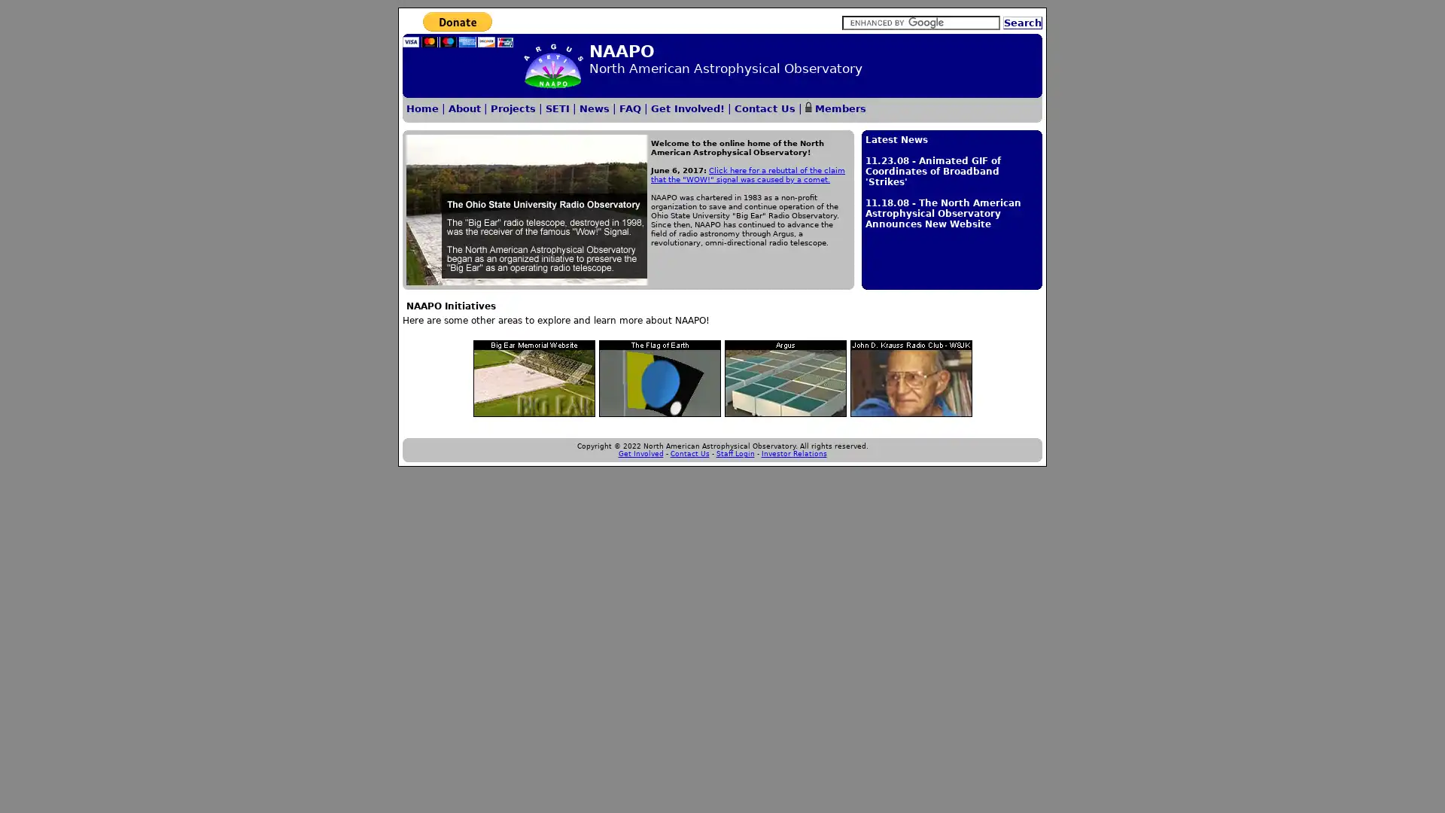 The height and width of the screenshot is (813, 1445). I want to click on Search, so click(1022, 23).